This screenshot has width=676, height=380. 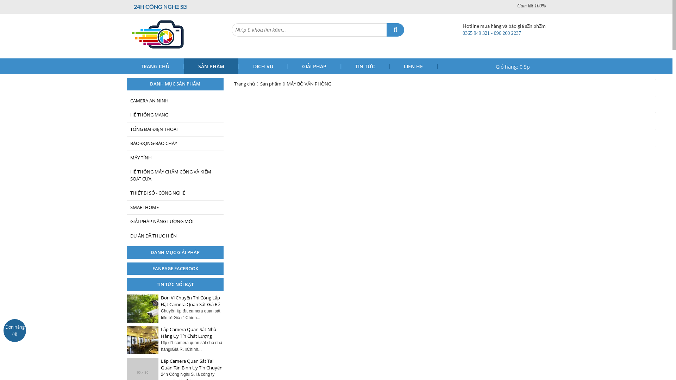 I want to click on 'CAMERA AN NINH', so click(x=175, y=100).